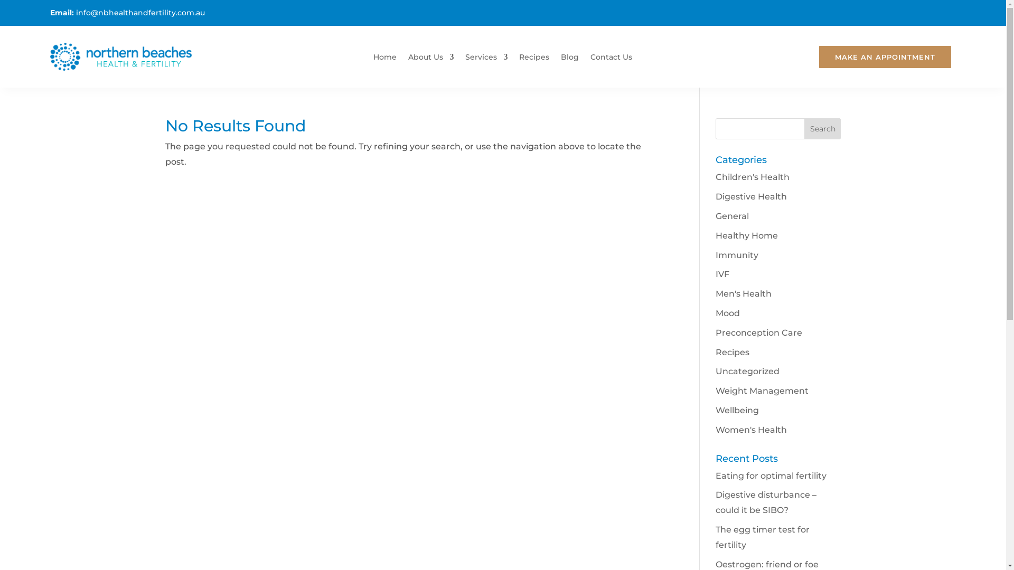  Describe the element at coordinates (715, 332) in the screenshot. I see `'Preconception Care'` at that location.